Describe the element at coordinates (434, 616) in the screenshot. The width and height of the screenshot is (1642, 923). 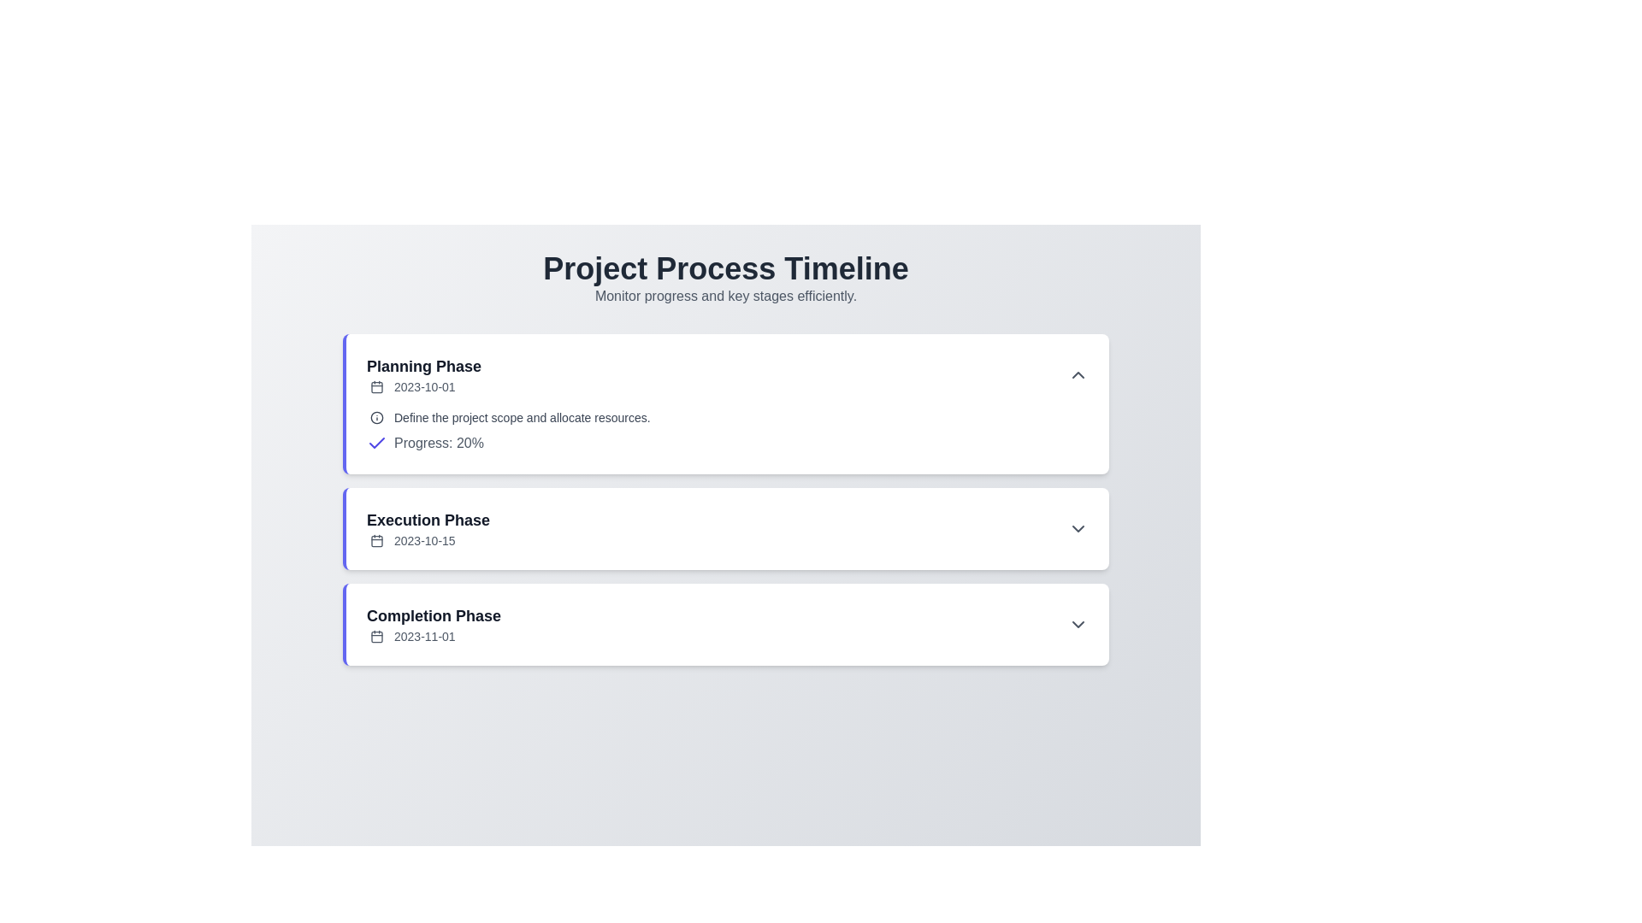
I see `the Text Label that serves as the header for the project phase, located above the date '2023-11-01' and to the right of the calendar icon` at that location.